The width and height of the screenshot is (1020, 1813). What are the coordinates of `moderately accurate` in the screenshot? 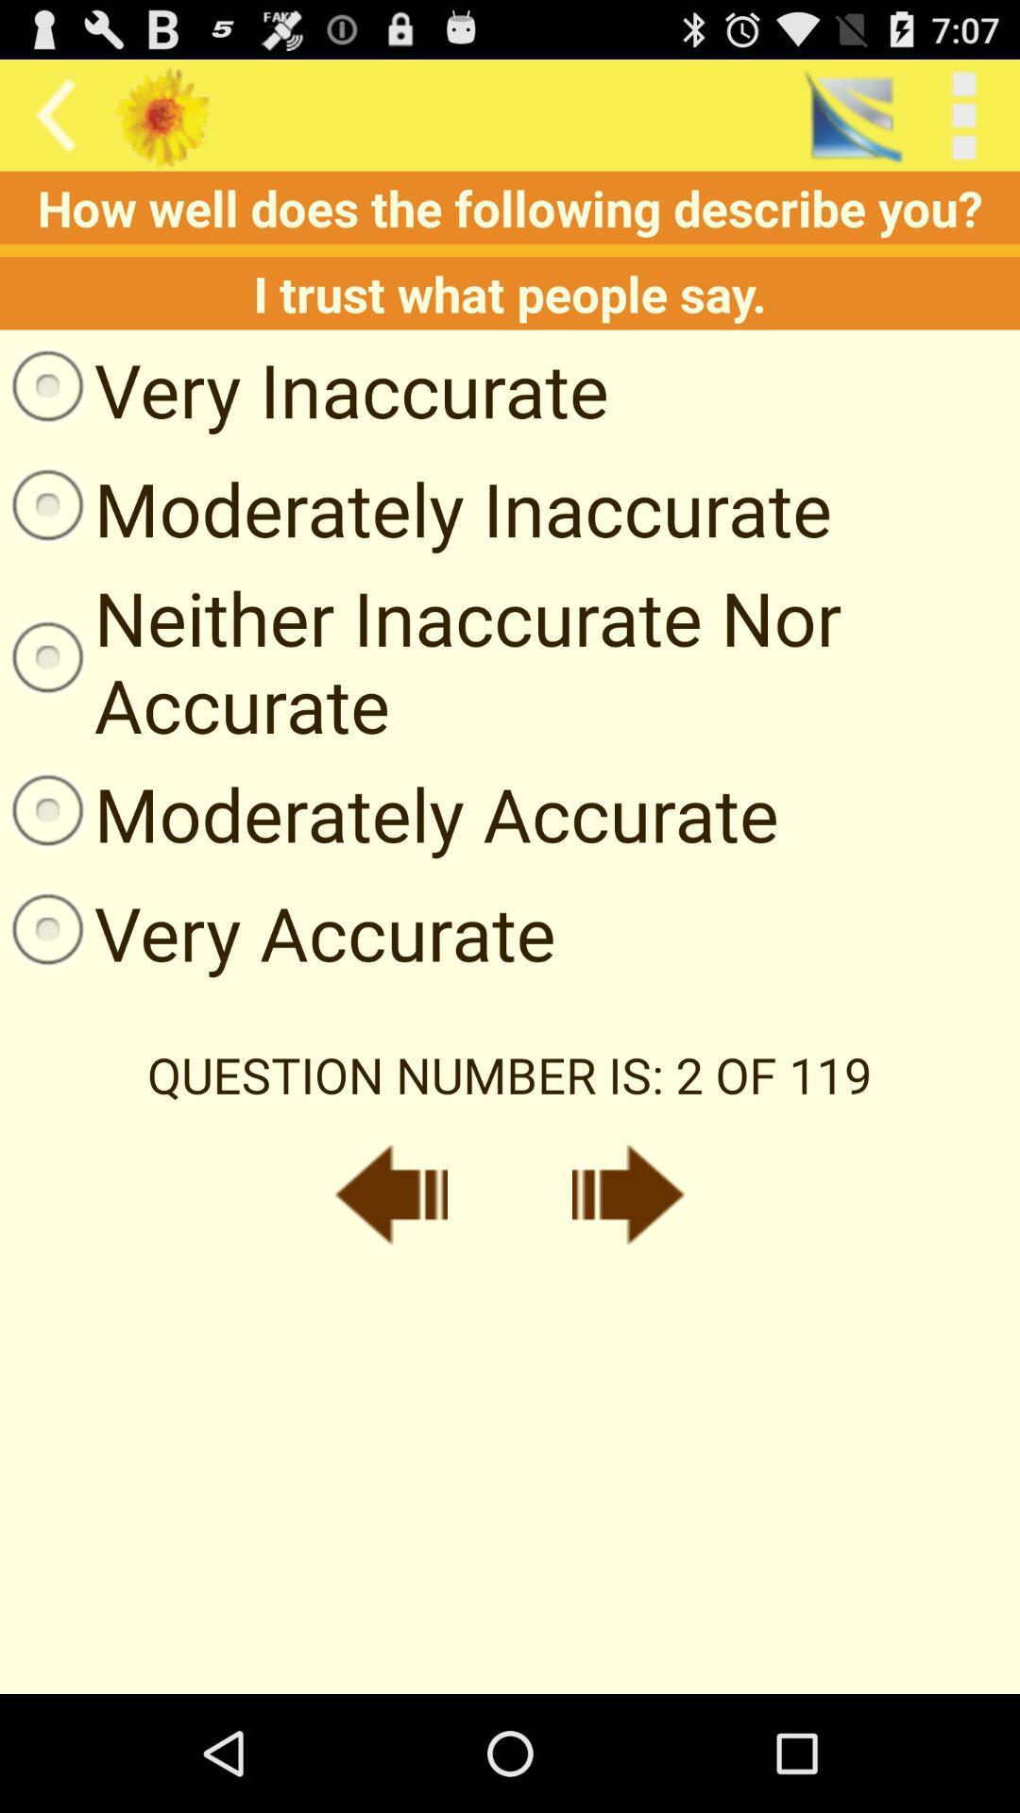 It's located at (388, 813).